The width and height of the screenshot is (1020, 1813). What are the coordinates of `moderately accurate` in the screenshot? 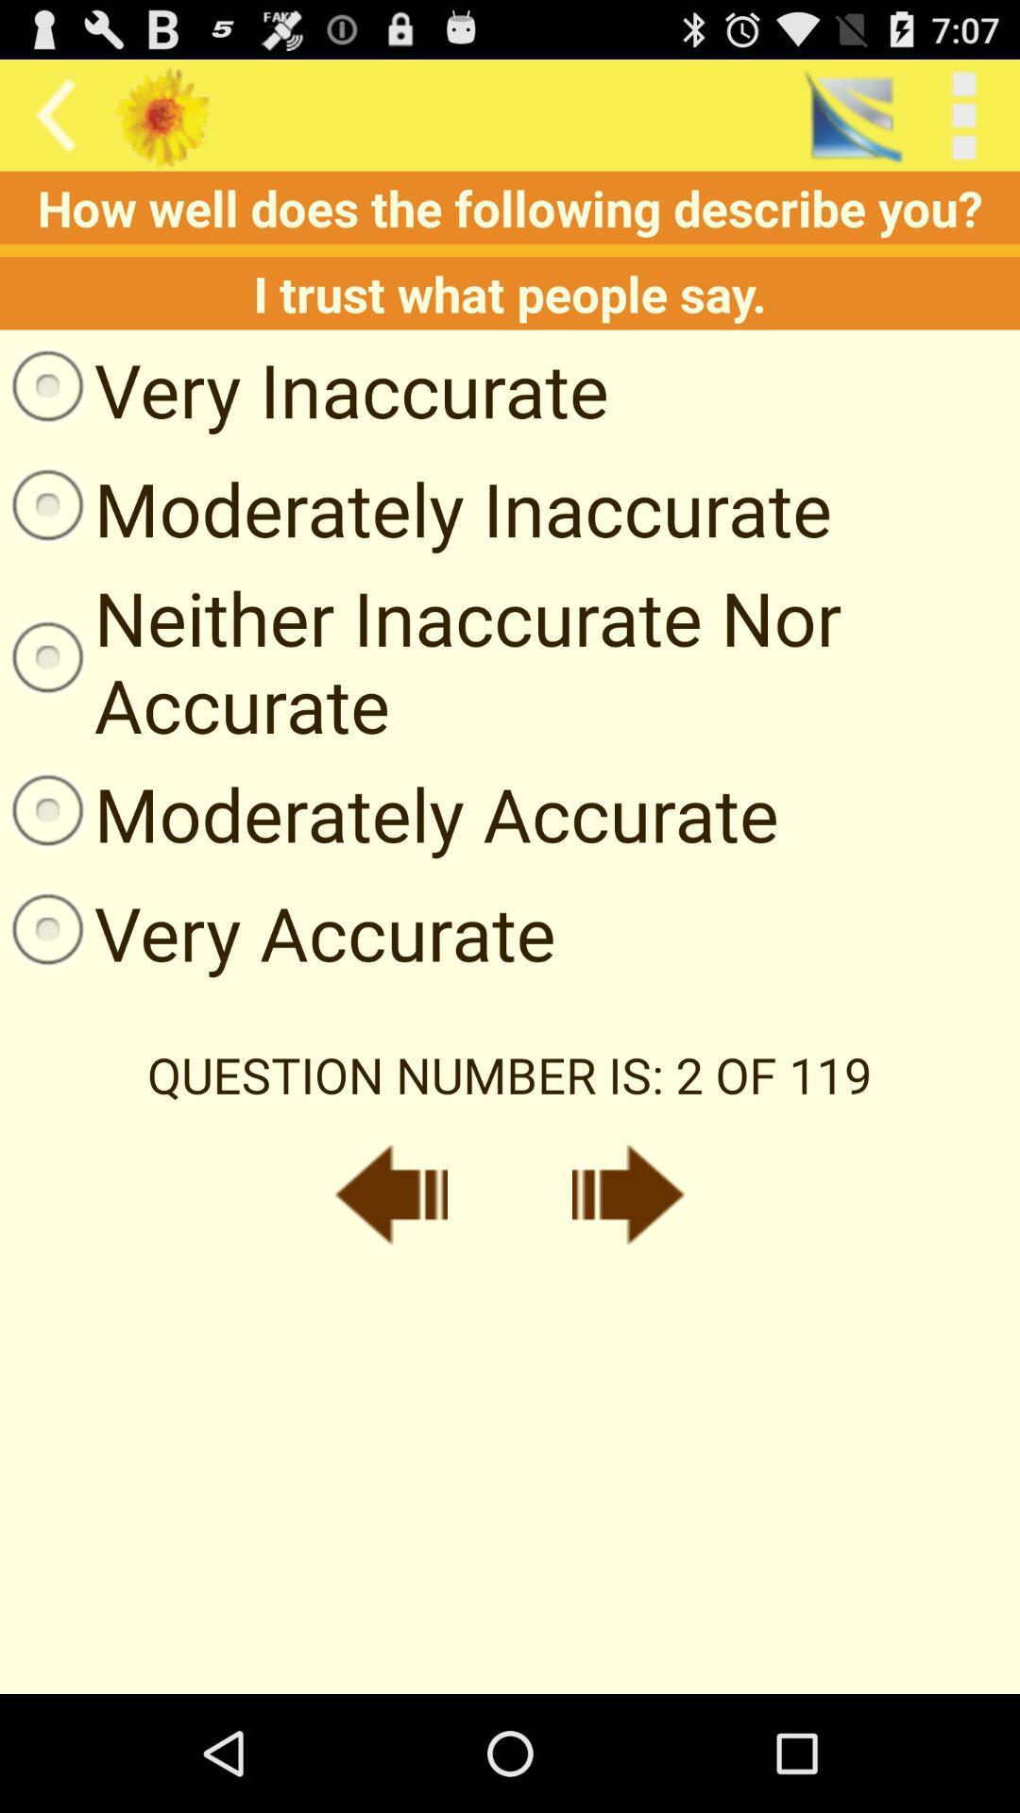 It's located at (388, 813).